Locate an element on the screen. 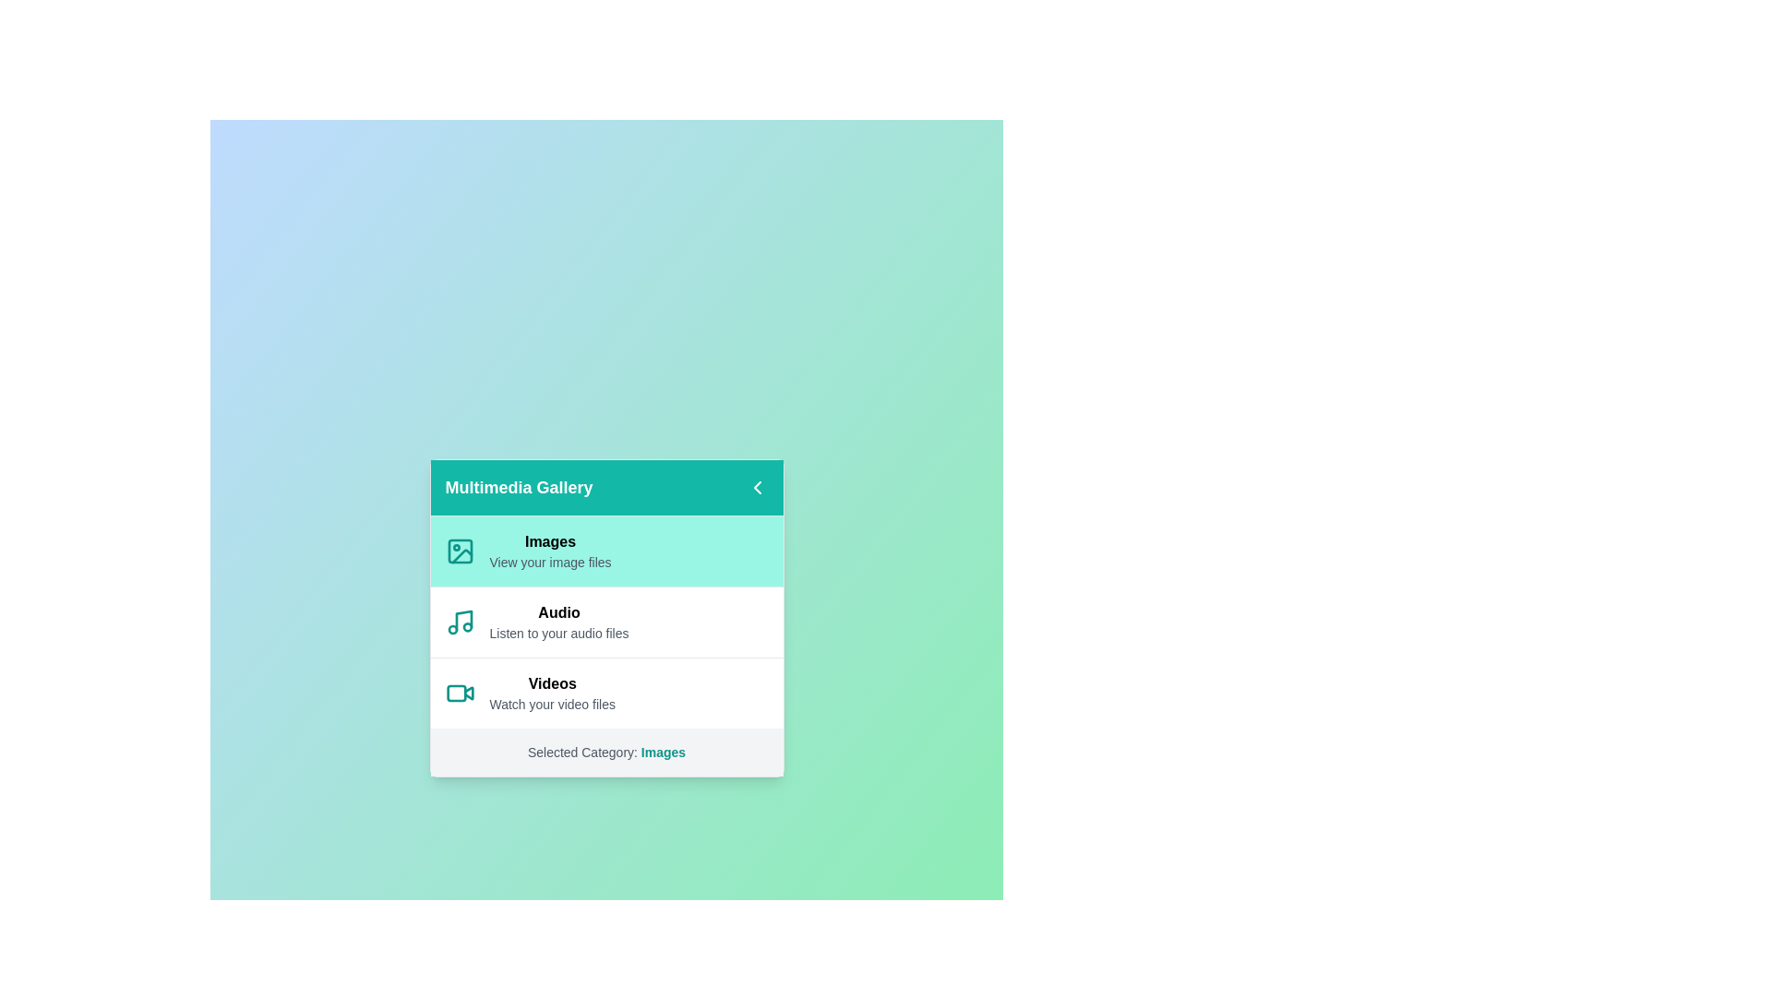 The width and height of the screenshot is (1772, 996). the category Images to select it is located at coordinates (606, 550).